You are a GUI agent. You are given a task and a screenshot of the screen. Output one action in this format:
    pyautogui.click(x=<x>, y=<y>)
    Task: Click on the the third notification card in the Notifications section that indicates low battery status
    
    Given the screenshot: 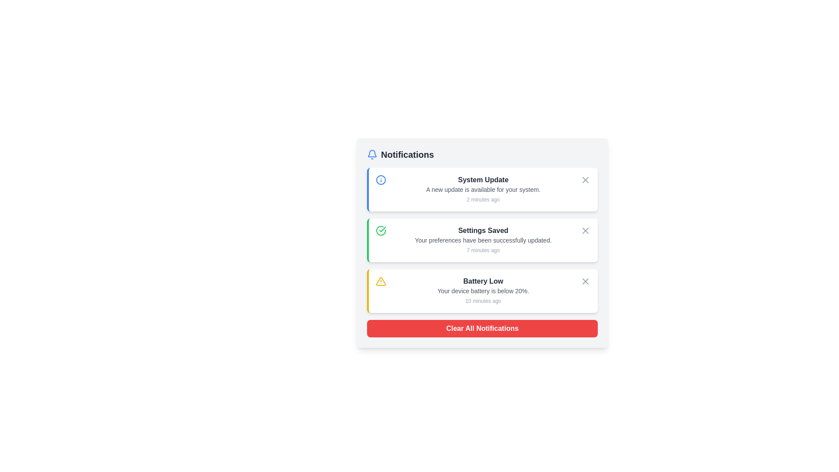 What is the action you would take?
    pyautogui.click(x=482, y=291)
    